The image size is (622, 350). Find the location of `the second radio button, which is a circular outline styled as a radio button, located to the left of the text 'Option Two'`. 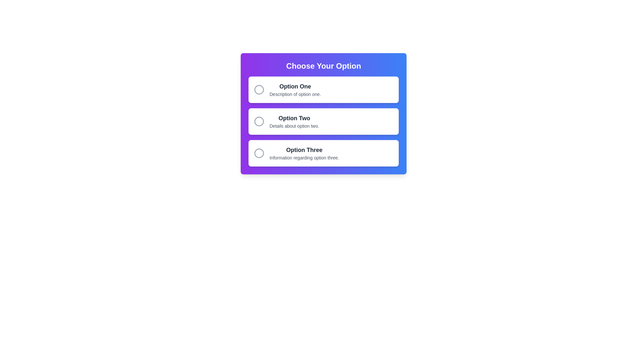

the second radio button, which is a circular outline styled as a radio button, located to the left of the text 'Option Two' is located at coordinates (259, 121).